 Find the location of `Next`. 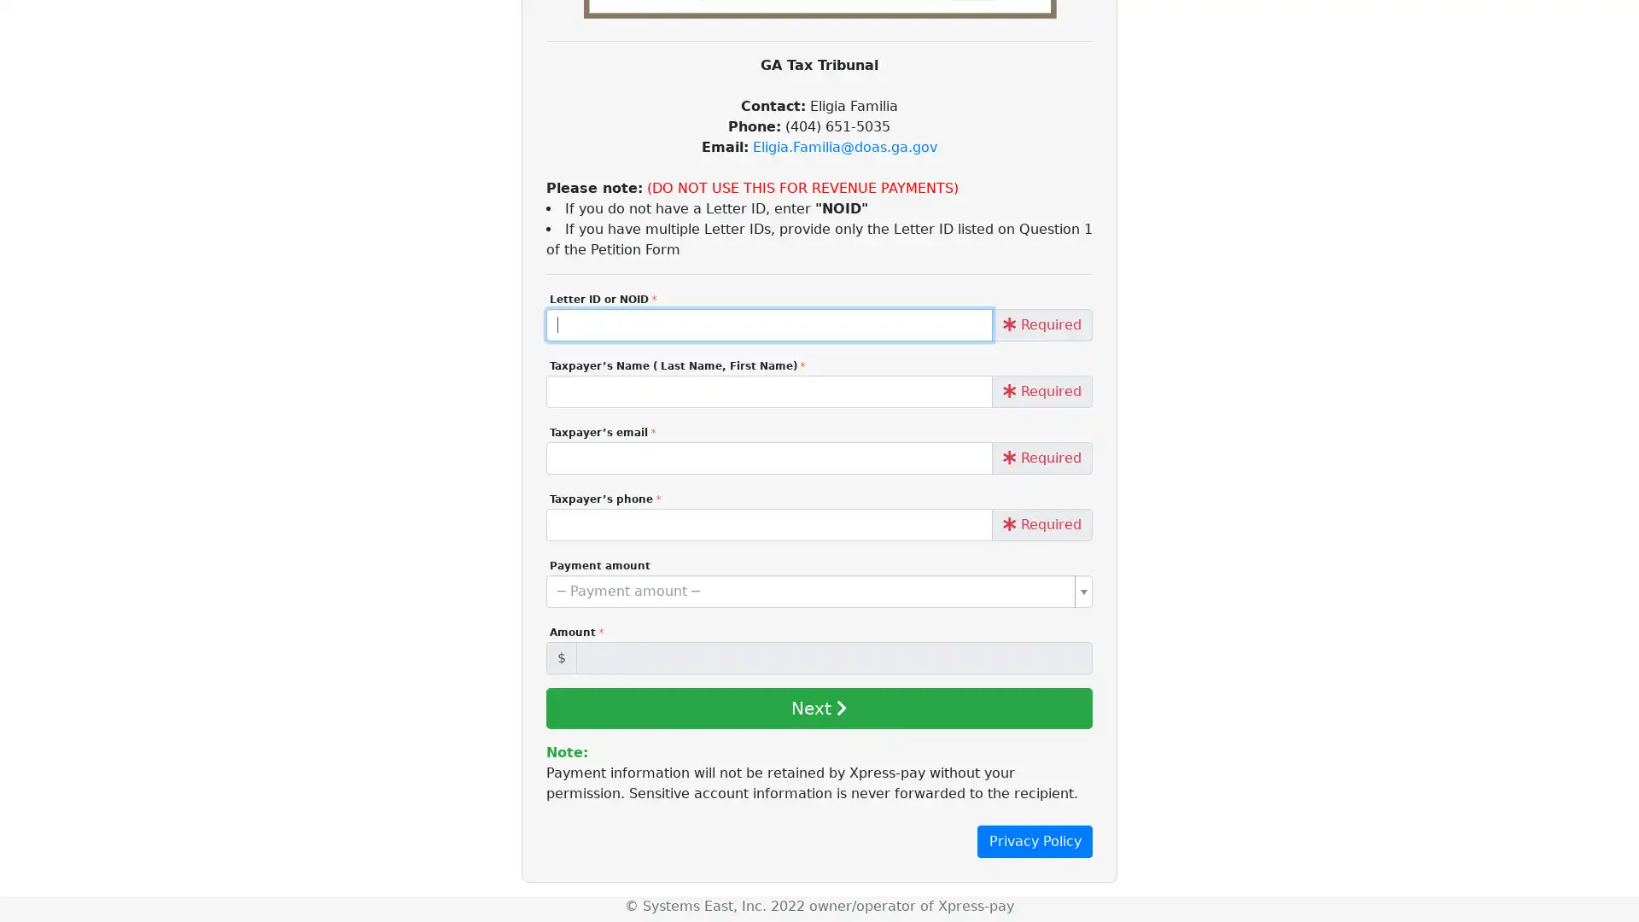

Next is located at coordinates (818, 708).